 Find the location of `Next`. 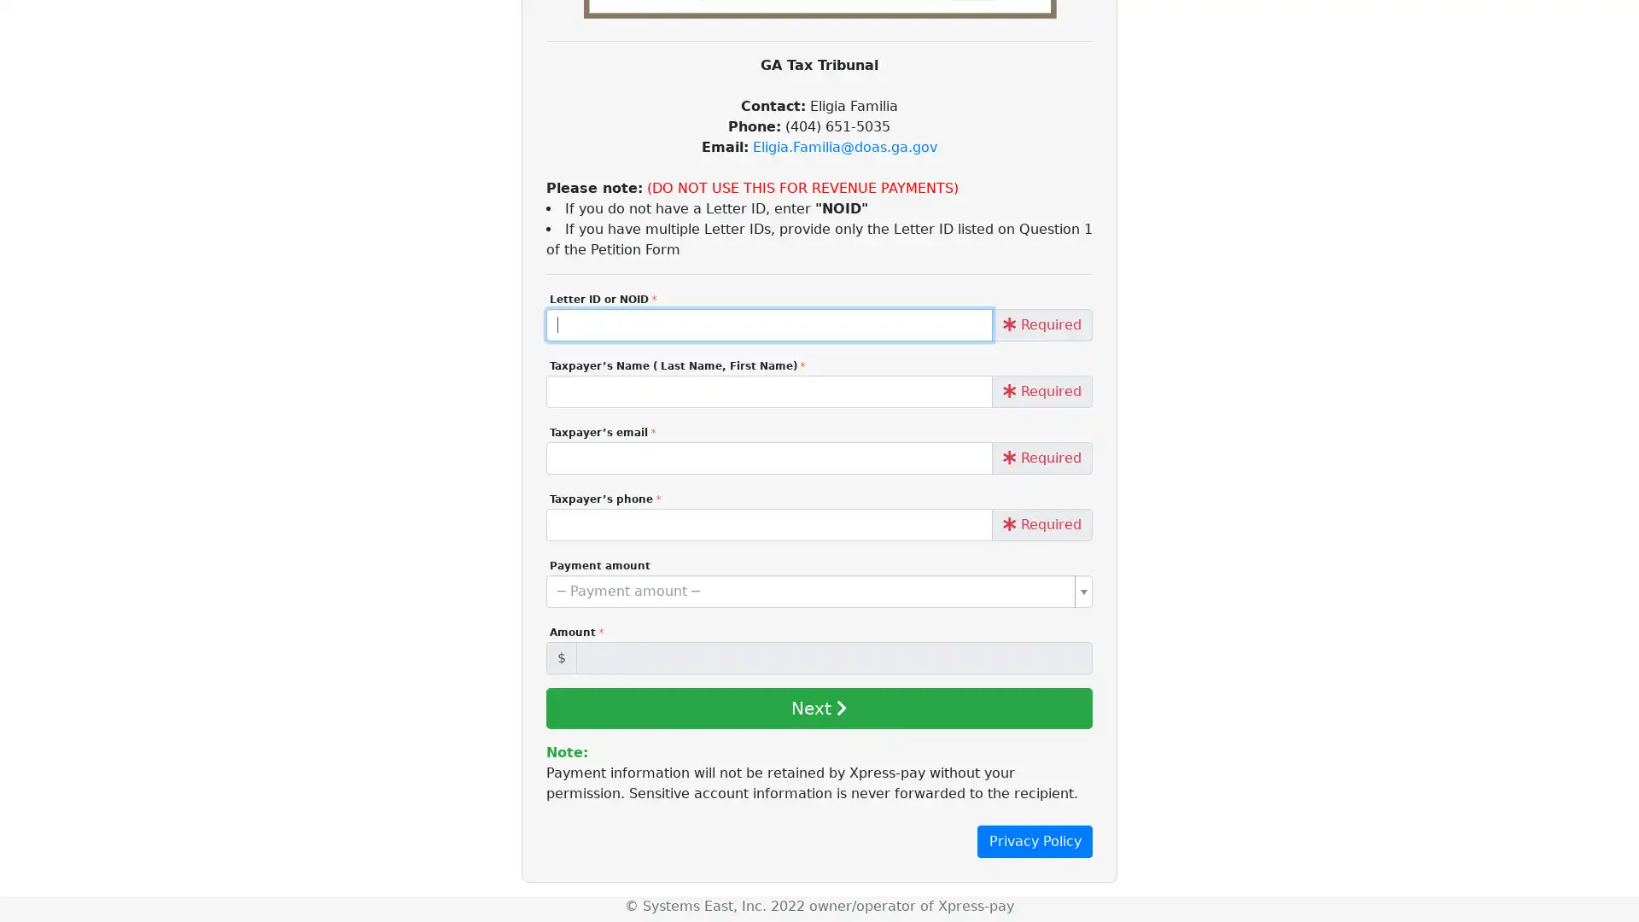

Next is located at coordinates (818, 708).